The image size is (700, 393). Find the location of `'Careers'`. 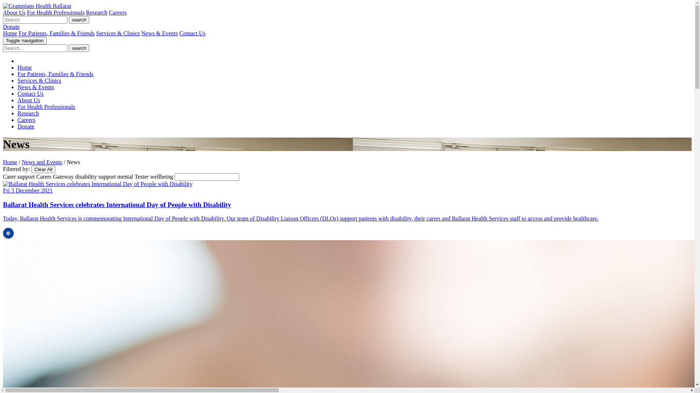

'Careers' is located at coordinates (118, 12).